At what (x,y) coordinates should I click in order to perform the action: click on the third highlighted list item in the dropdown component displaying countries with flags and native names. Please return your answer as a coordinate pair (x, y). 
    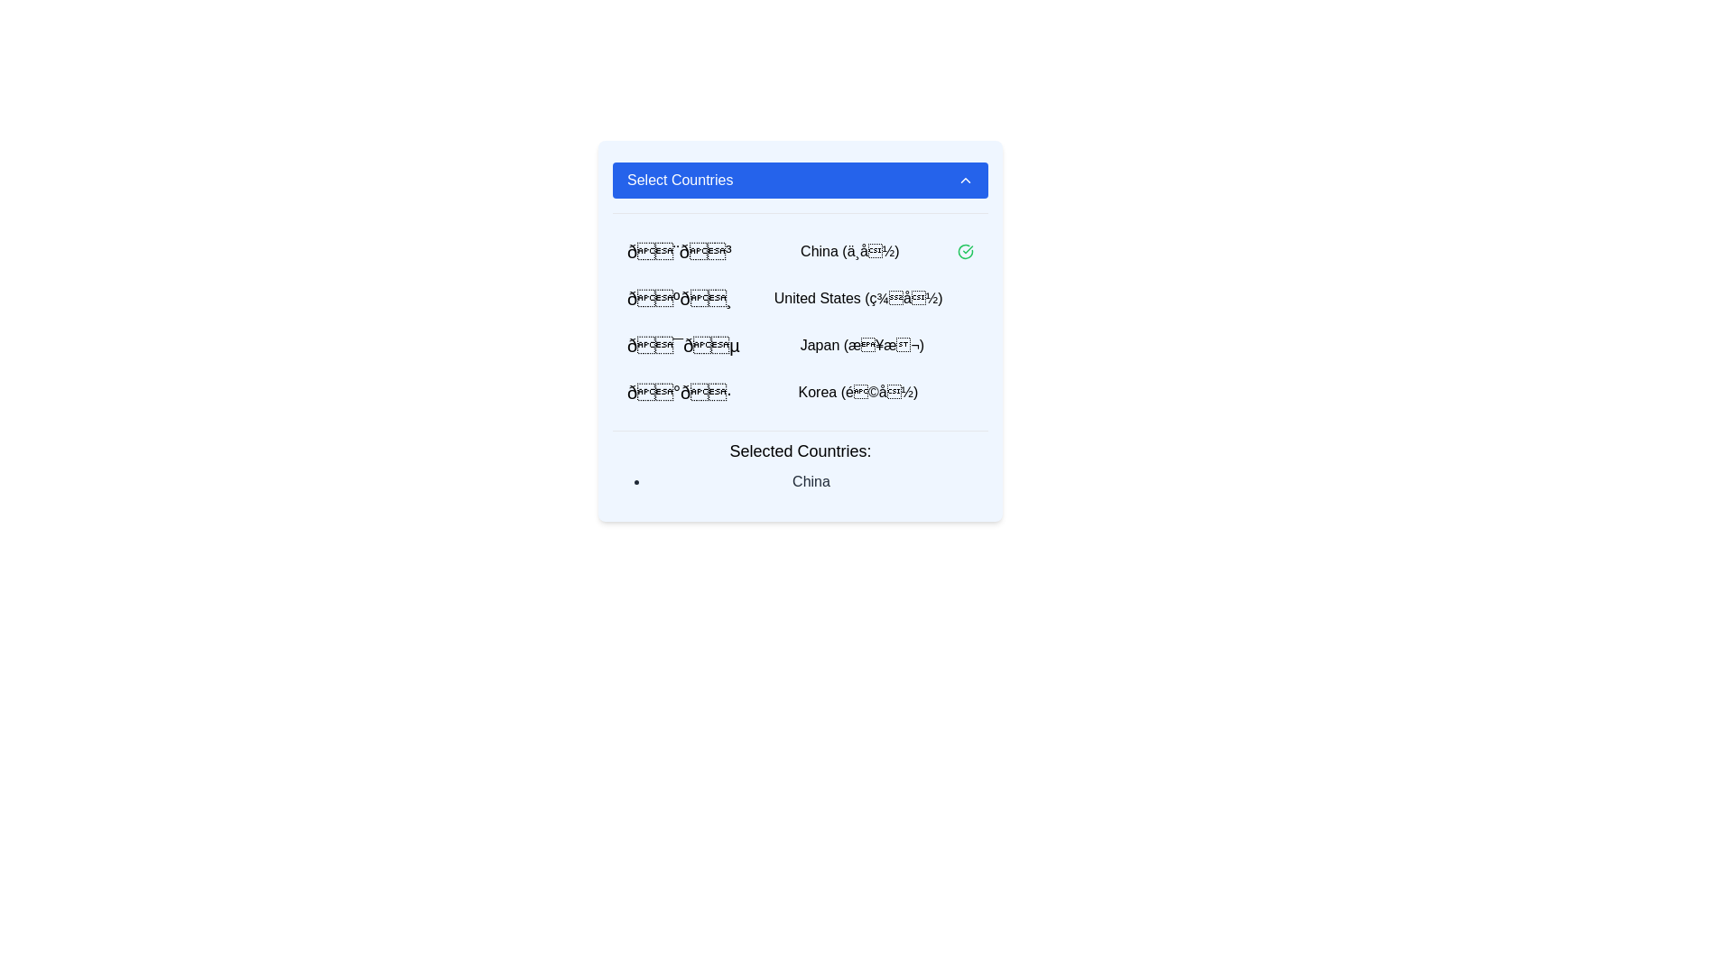
    Looking at the image, I should click on (800, 330).